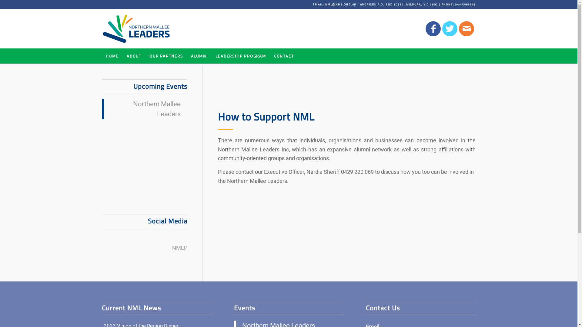 Image resolution: width=582 pixels, height=327 pixels. What do you see at coordinates (134, 56) in the screenshot?
I see `'ABOUT'` at bounding box center [134, 56].